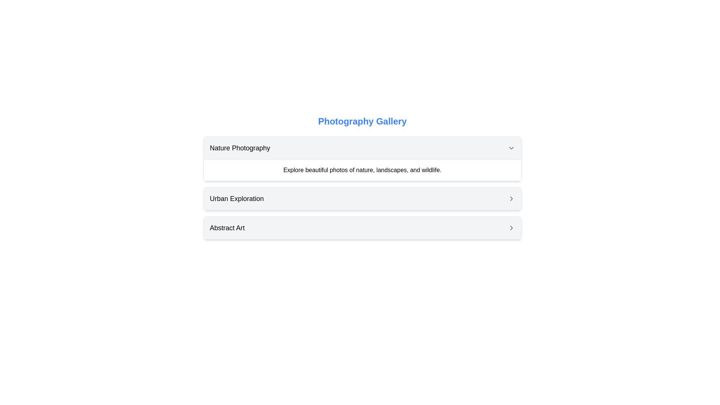 The image size is (720, 405). What do you see at coordinates (511, 228) in the screenshot?
I see `the Chevron Icon located at the far right end of the 'Abstract Art' list item` at bounding box center [511, 228].